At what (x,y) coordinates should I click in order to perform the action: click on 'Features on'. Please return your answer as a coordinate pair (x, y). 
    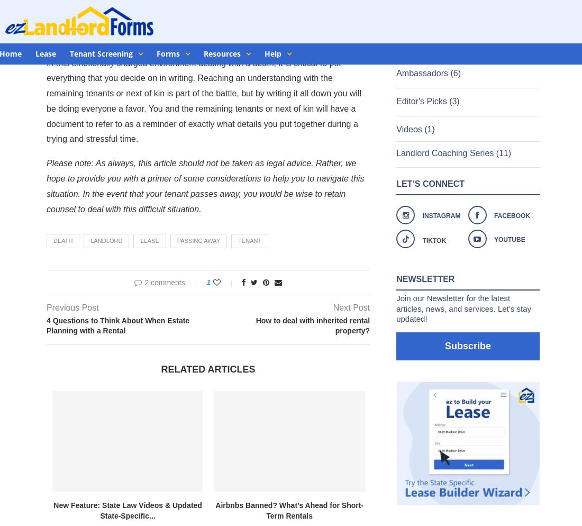
    Looking at the image, I should click on (290, 189).